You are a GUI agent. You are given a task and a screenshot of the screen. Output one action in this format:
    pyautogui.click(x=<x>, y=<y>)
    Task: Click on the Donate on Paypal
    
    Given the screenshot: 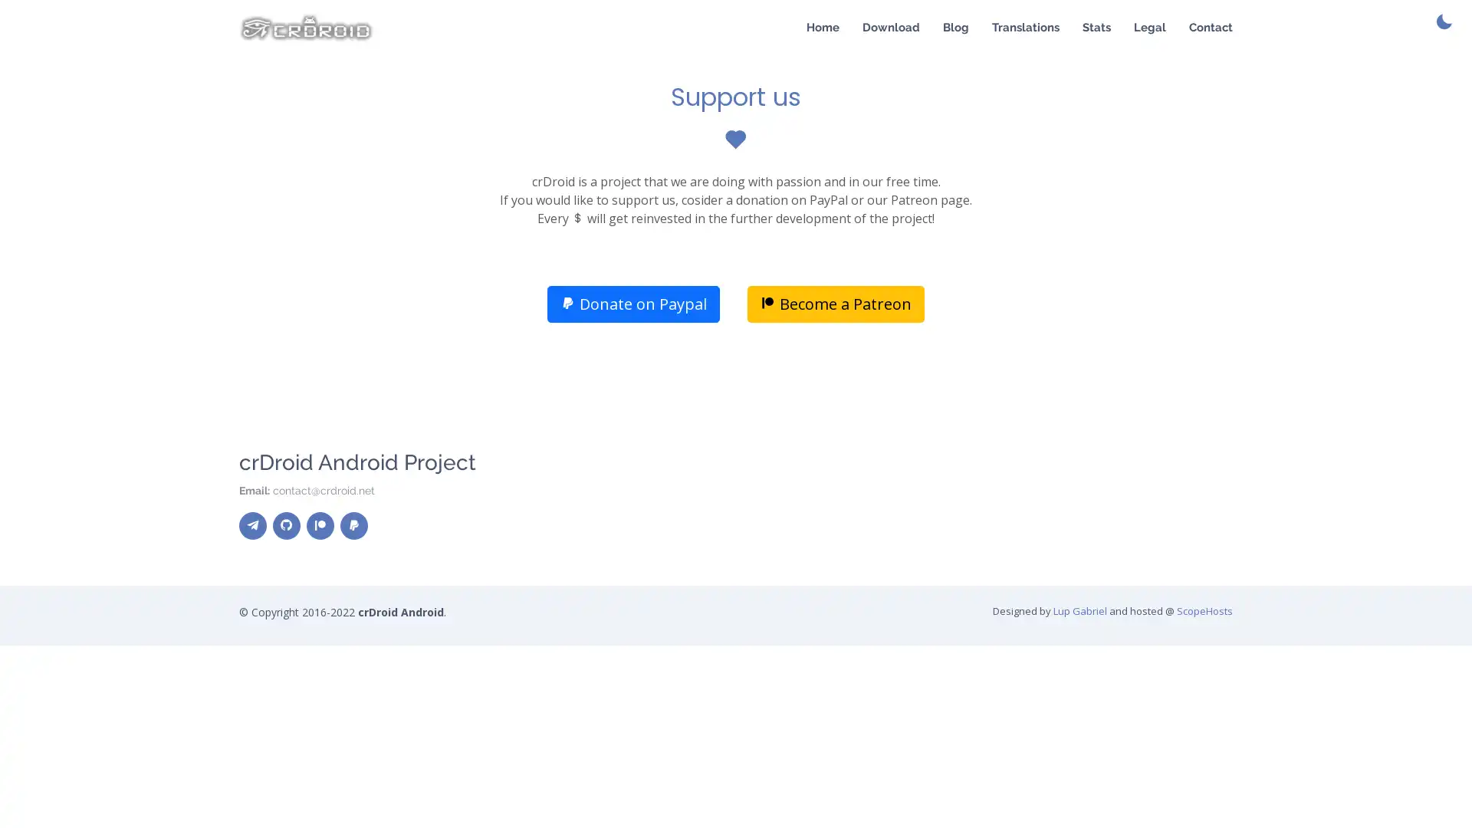 What is the action you would take?
    pyautogui.click(x=633, y=304)
    